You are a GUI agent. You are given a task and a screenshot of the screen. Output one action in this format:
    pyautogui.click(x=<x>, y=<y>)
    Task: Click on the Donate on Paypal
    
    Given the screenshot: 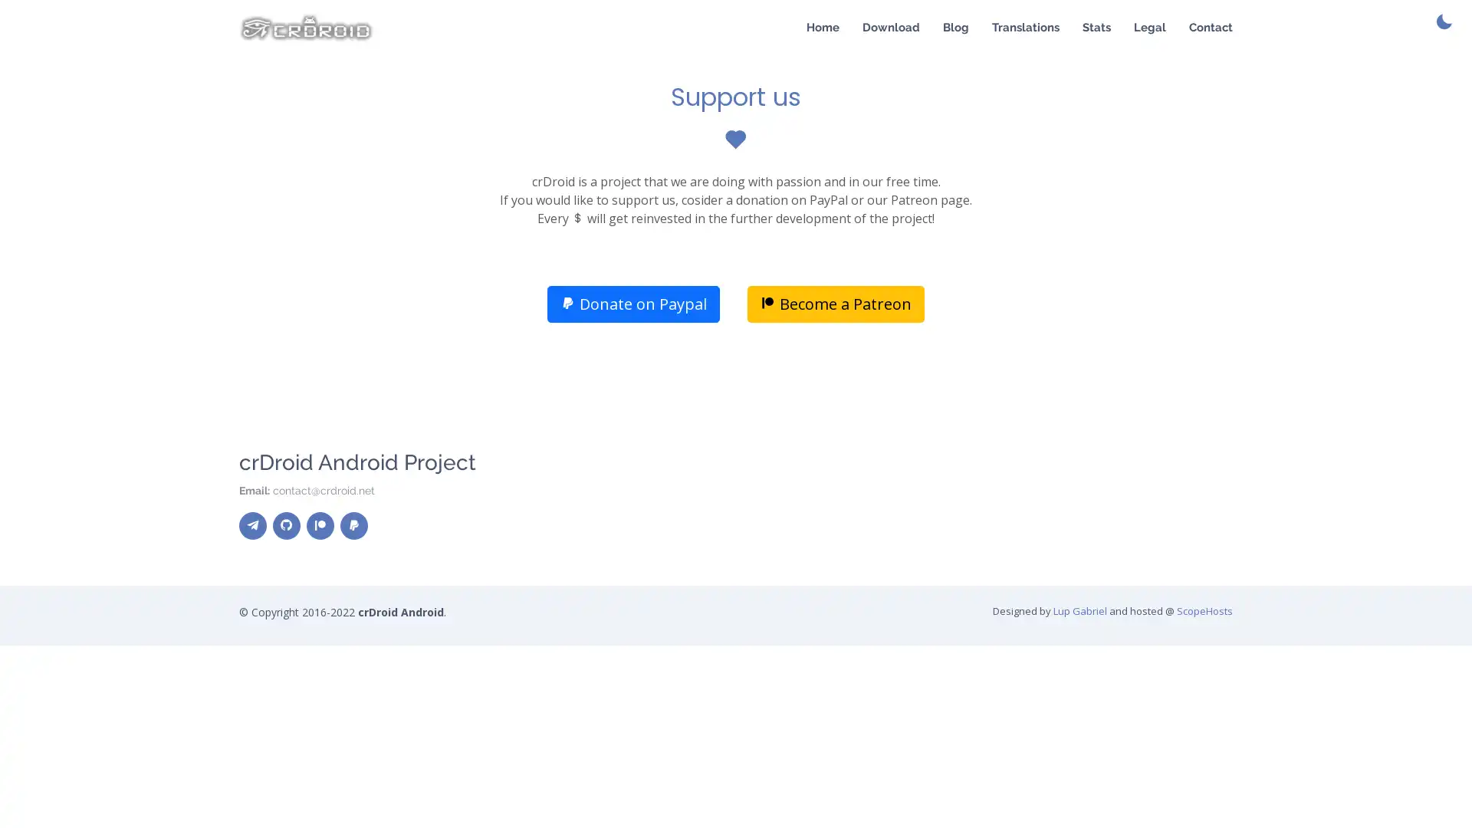 What is the action you would take?
    pyautogui.click(x=633, y=304)
    